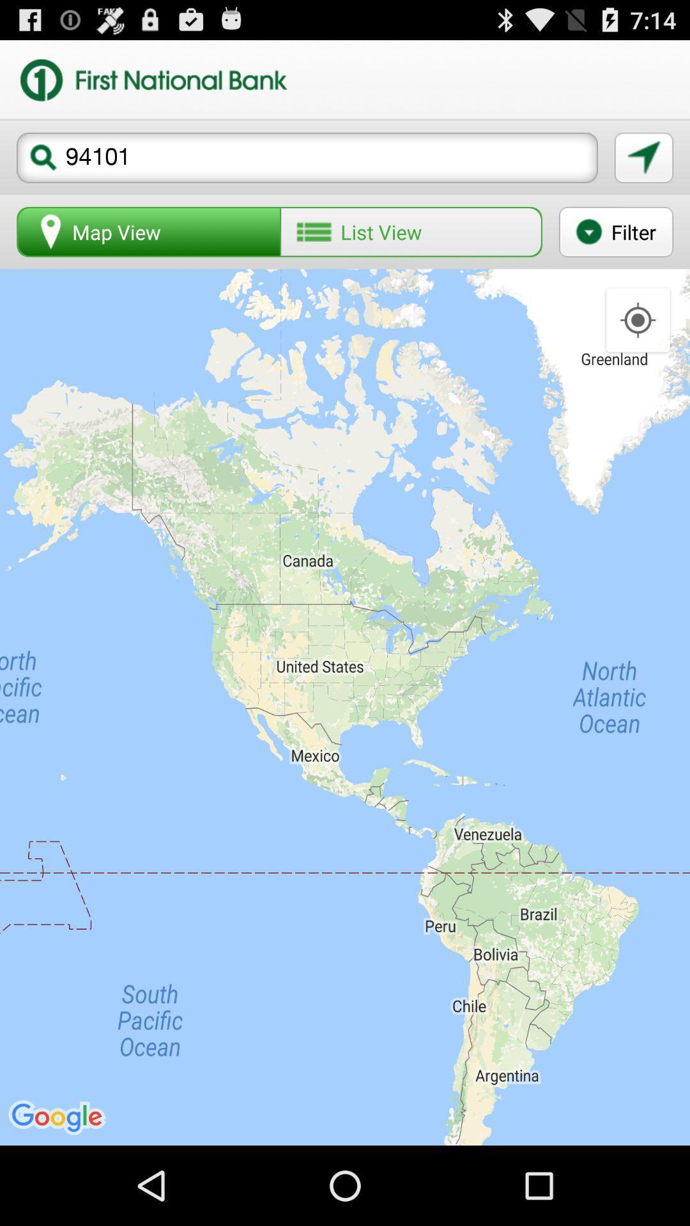 This screenshot has height=1226, width=690. What do you see at coordinates (148, 232) in the screenshot?
I see `map view` at bounding box center [148, 232].